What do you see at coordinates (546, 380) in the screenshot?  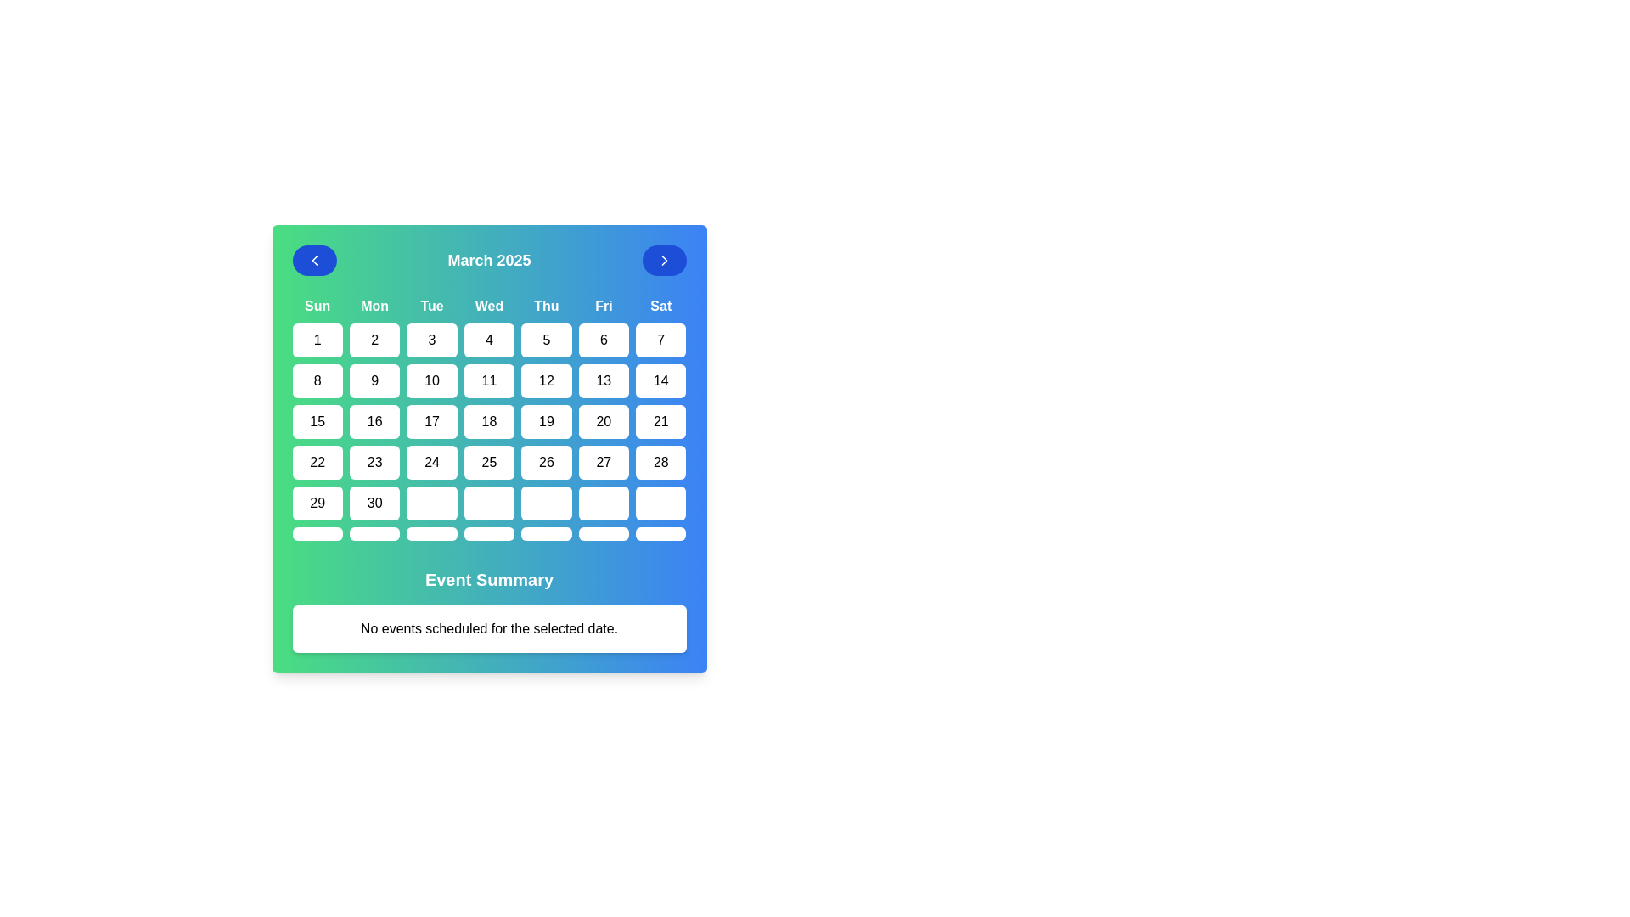 I see `the date selector button for '12' in the calendar interface` at bounding box center [546, 380].